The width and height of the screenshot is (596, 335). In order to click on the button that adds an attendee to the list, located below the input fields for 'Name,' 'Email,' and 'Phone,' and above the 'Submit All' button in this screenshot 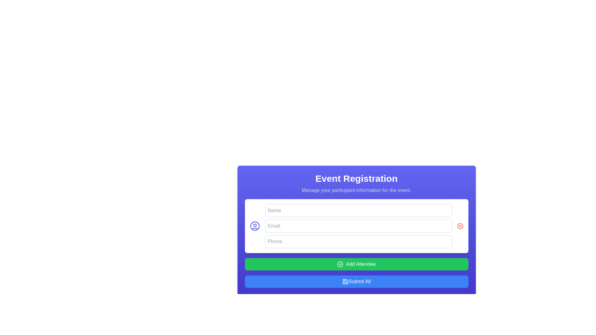, I will do `click(356, 264)`.